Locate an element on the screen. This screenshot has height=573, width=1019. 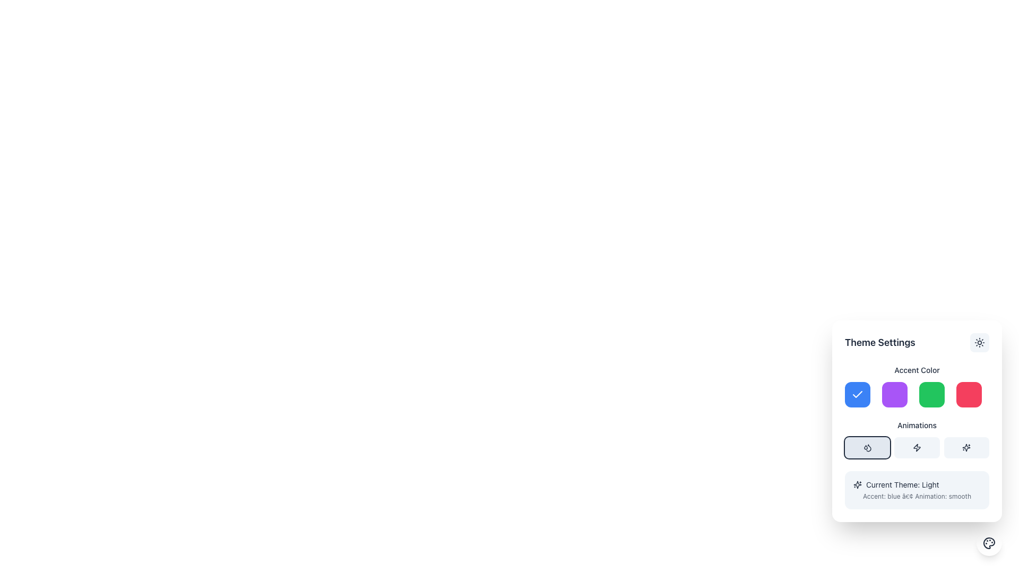
the 'Animations' label/text display, which is a small, bold text element situated in the center of the card interface, below the color options is located at coordinates (917, 425).